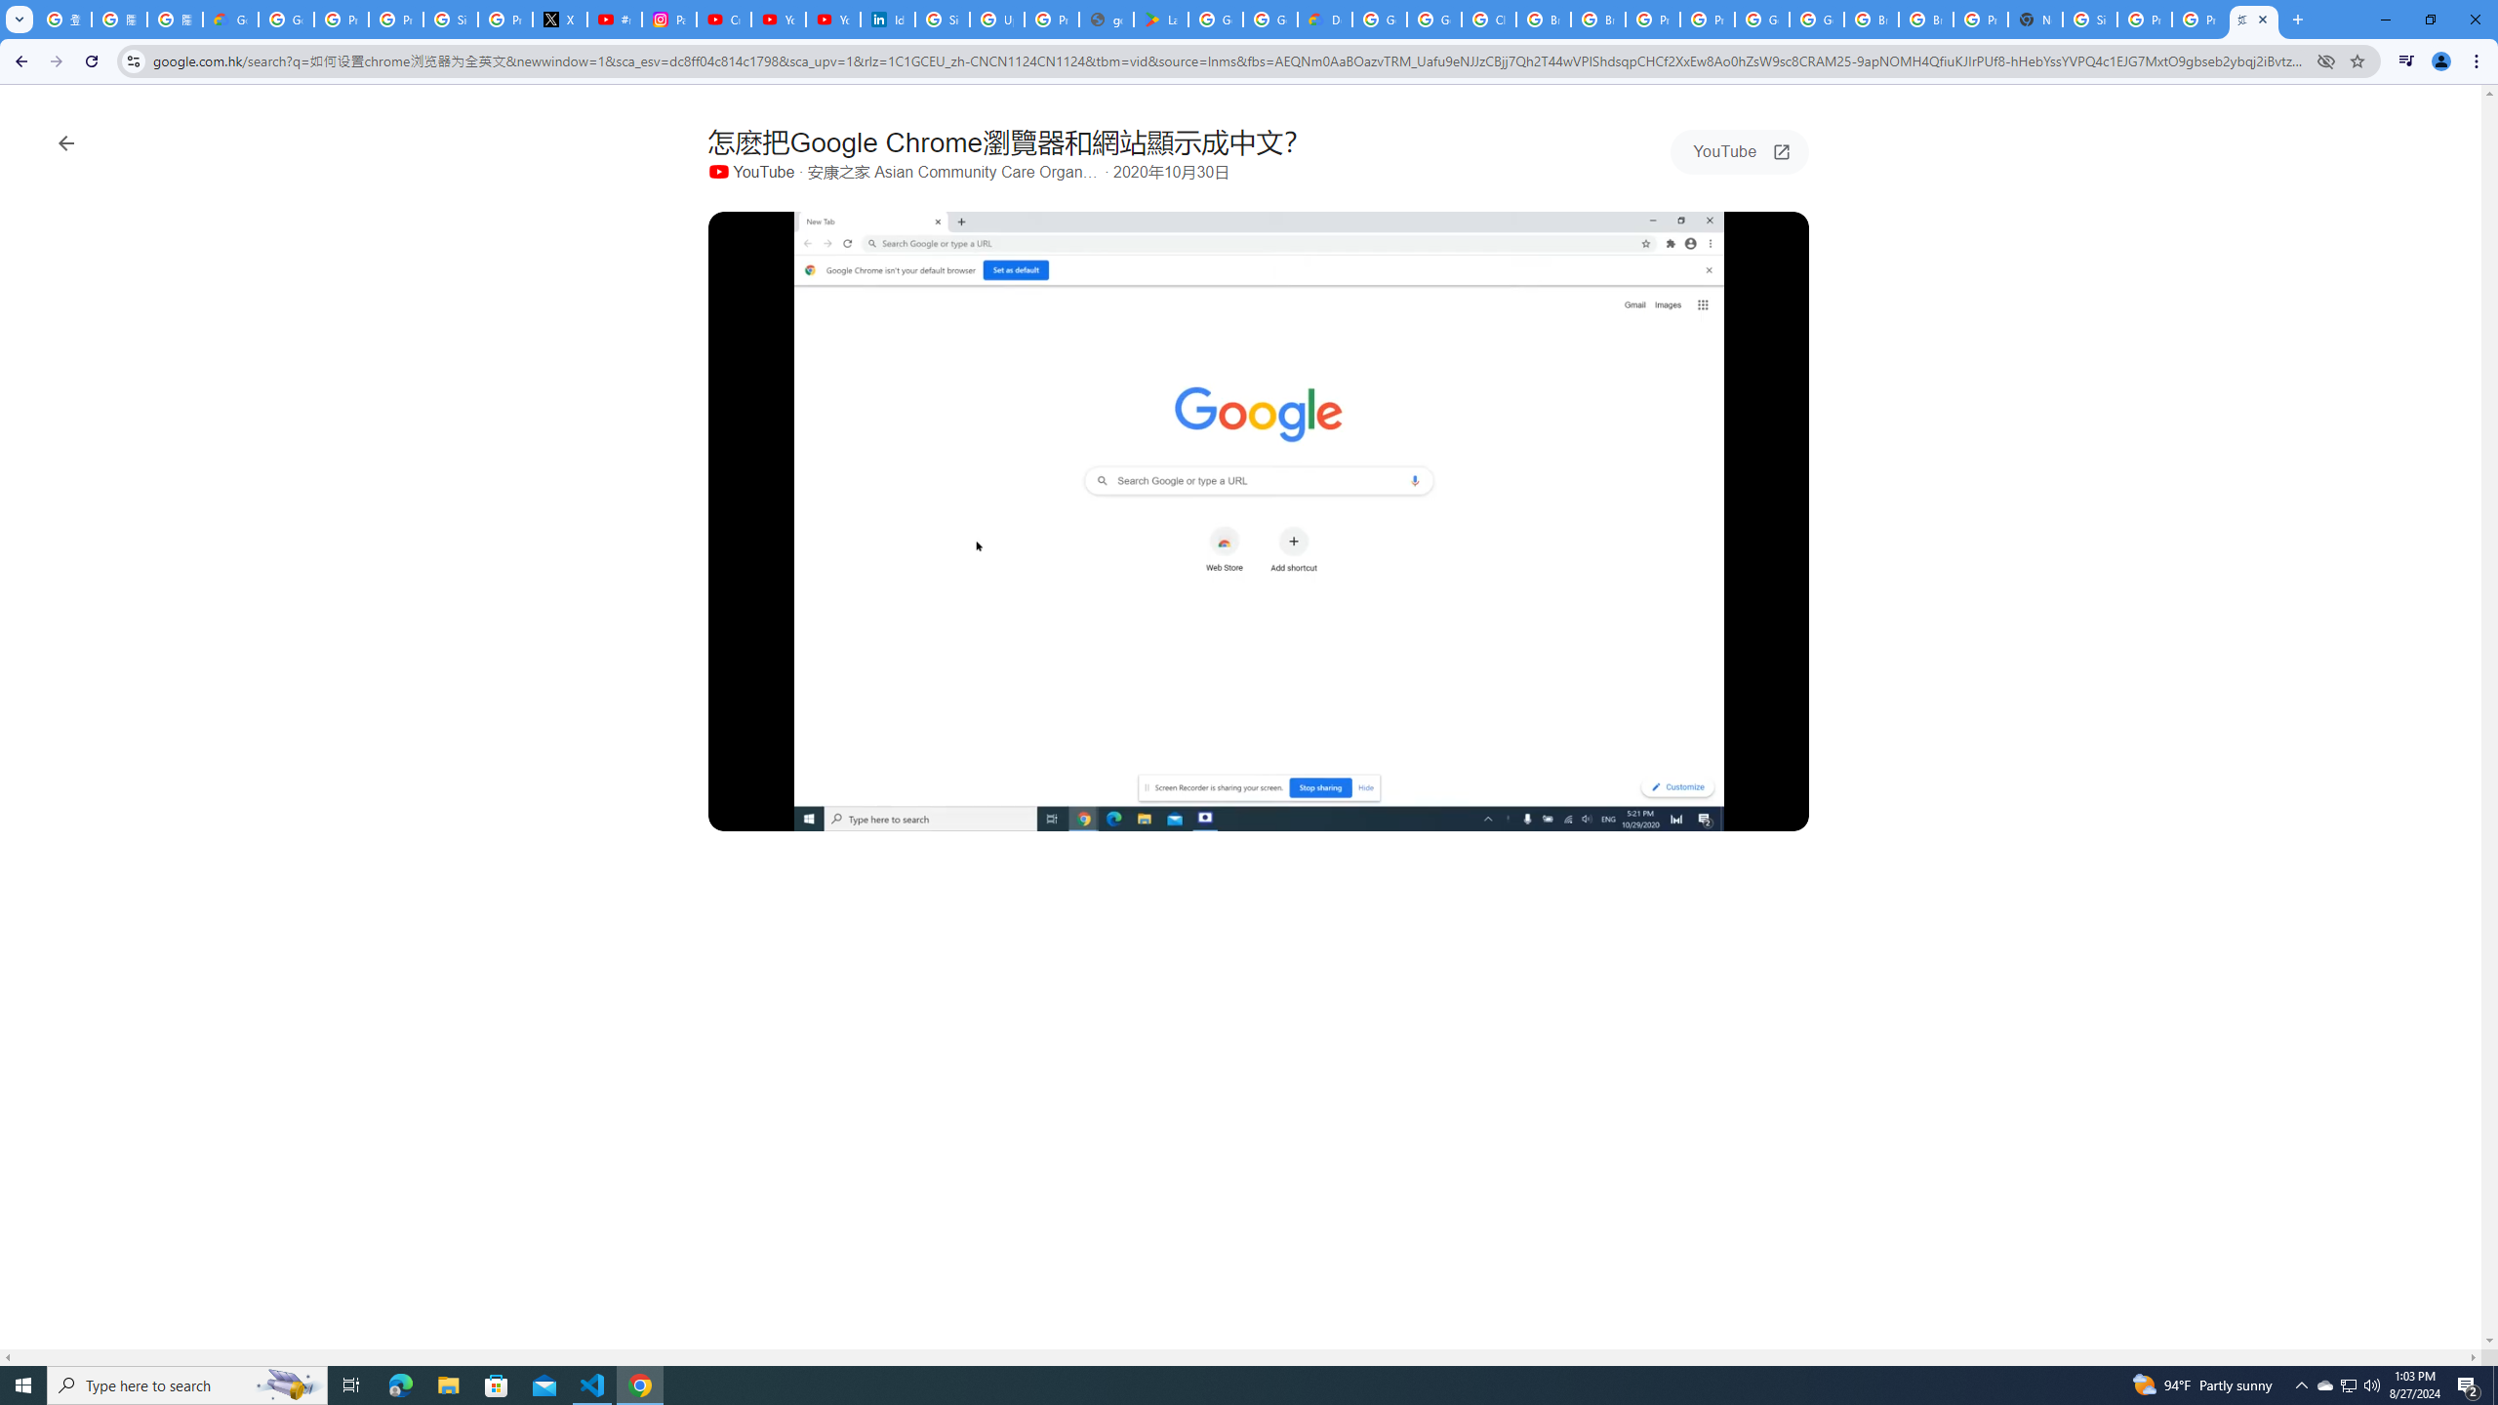 The width and height of the screenshot is (2498, 1405). What do you see at coordinates (741, 811) in the screenshot?
I see `'Play (k)'` at bounding box center [741, 811].